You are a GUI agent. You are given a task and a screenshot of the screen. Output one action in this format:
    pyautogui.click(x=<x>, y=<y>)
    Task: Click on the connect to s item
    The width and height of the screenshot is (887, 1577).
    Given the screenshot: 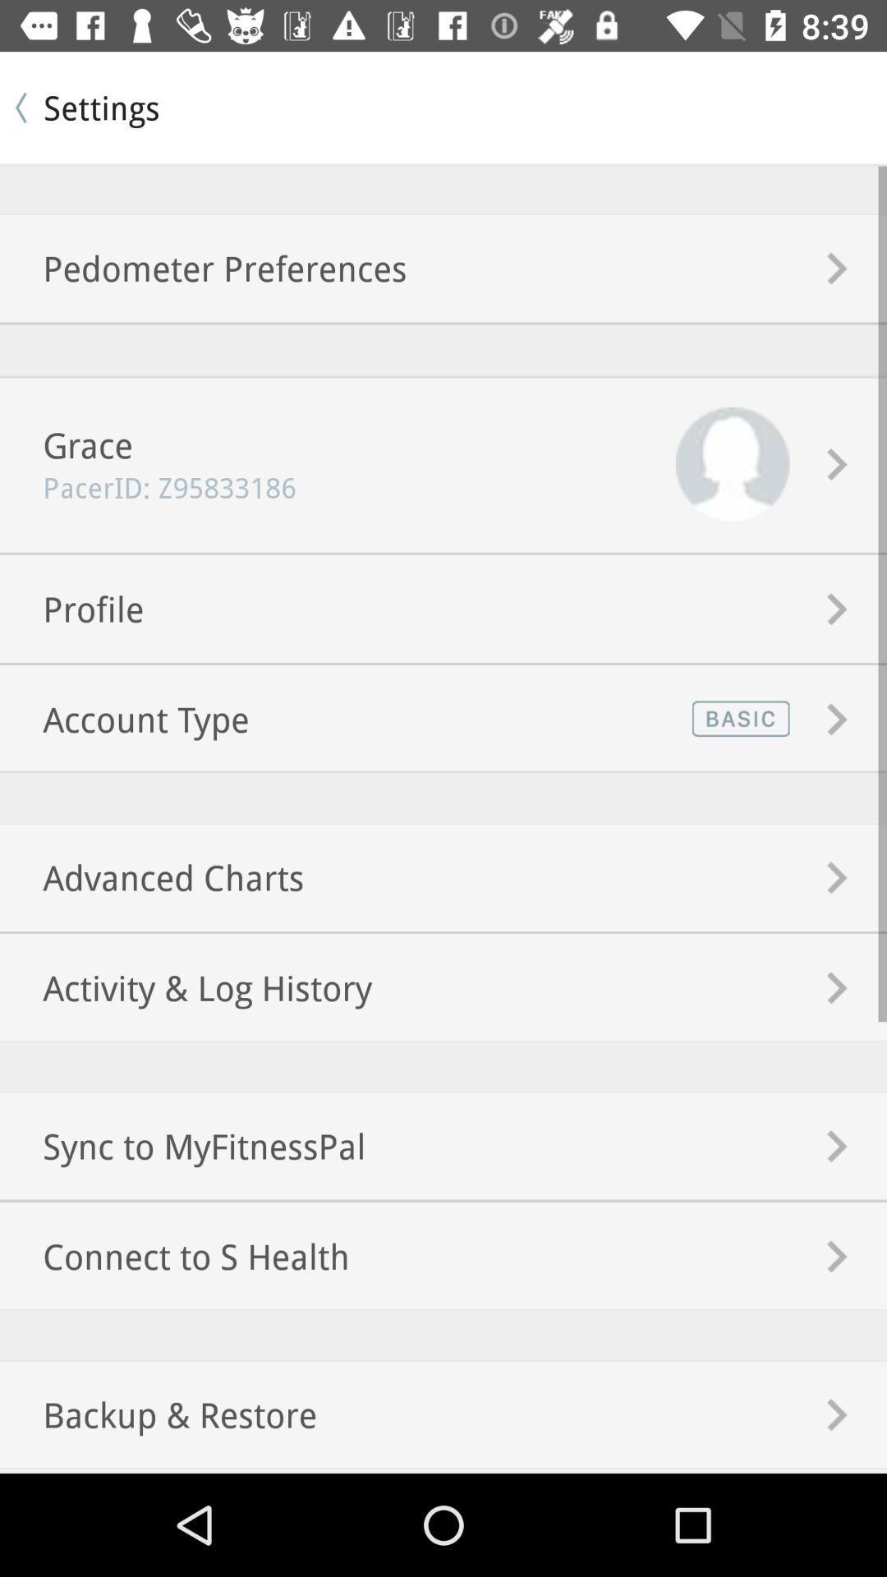 What is the action you would take?
    pyautogui.click(x=174, y=1255)
    